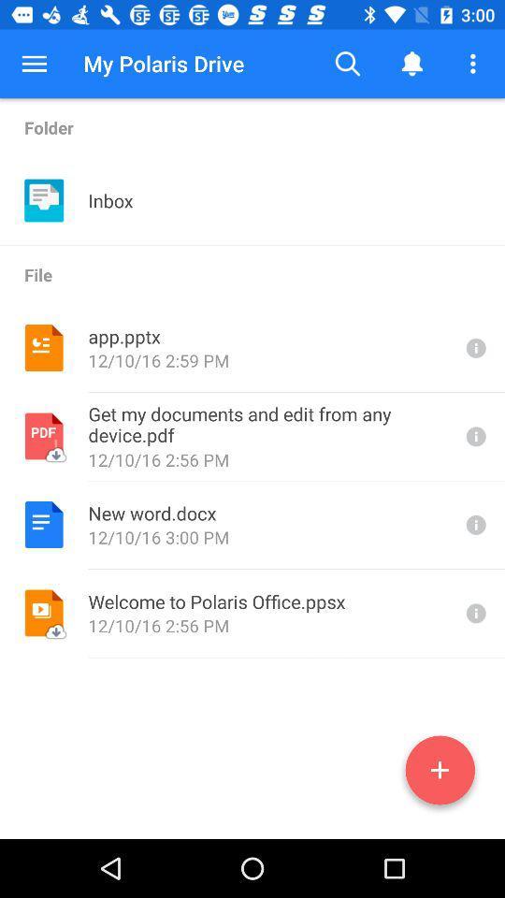 Image resolution: width=505 pixels, height=898 pixels. Describe the element at coordinates (440, 774) in the screenshot. I see `more` at that location.